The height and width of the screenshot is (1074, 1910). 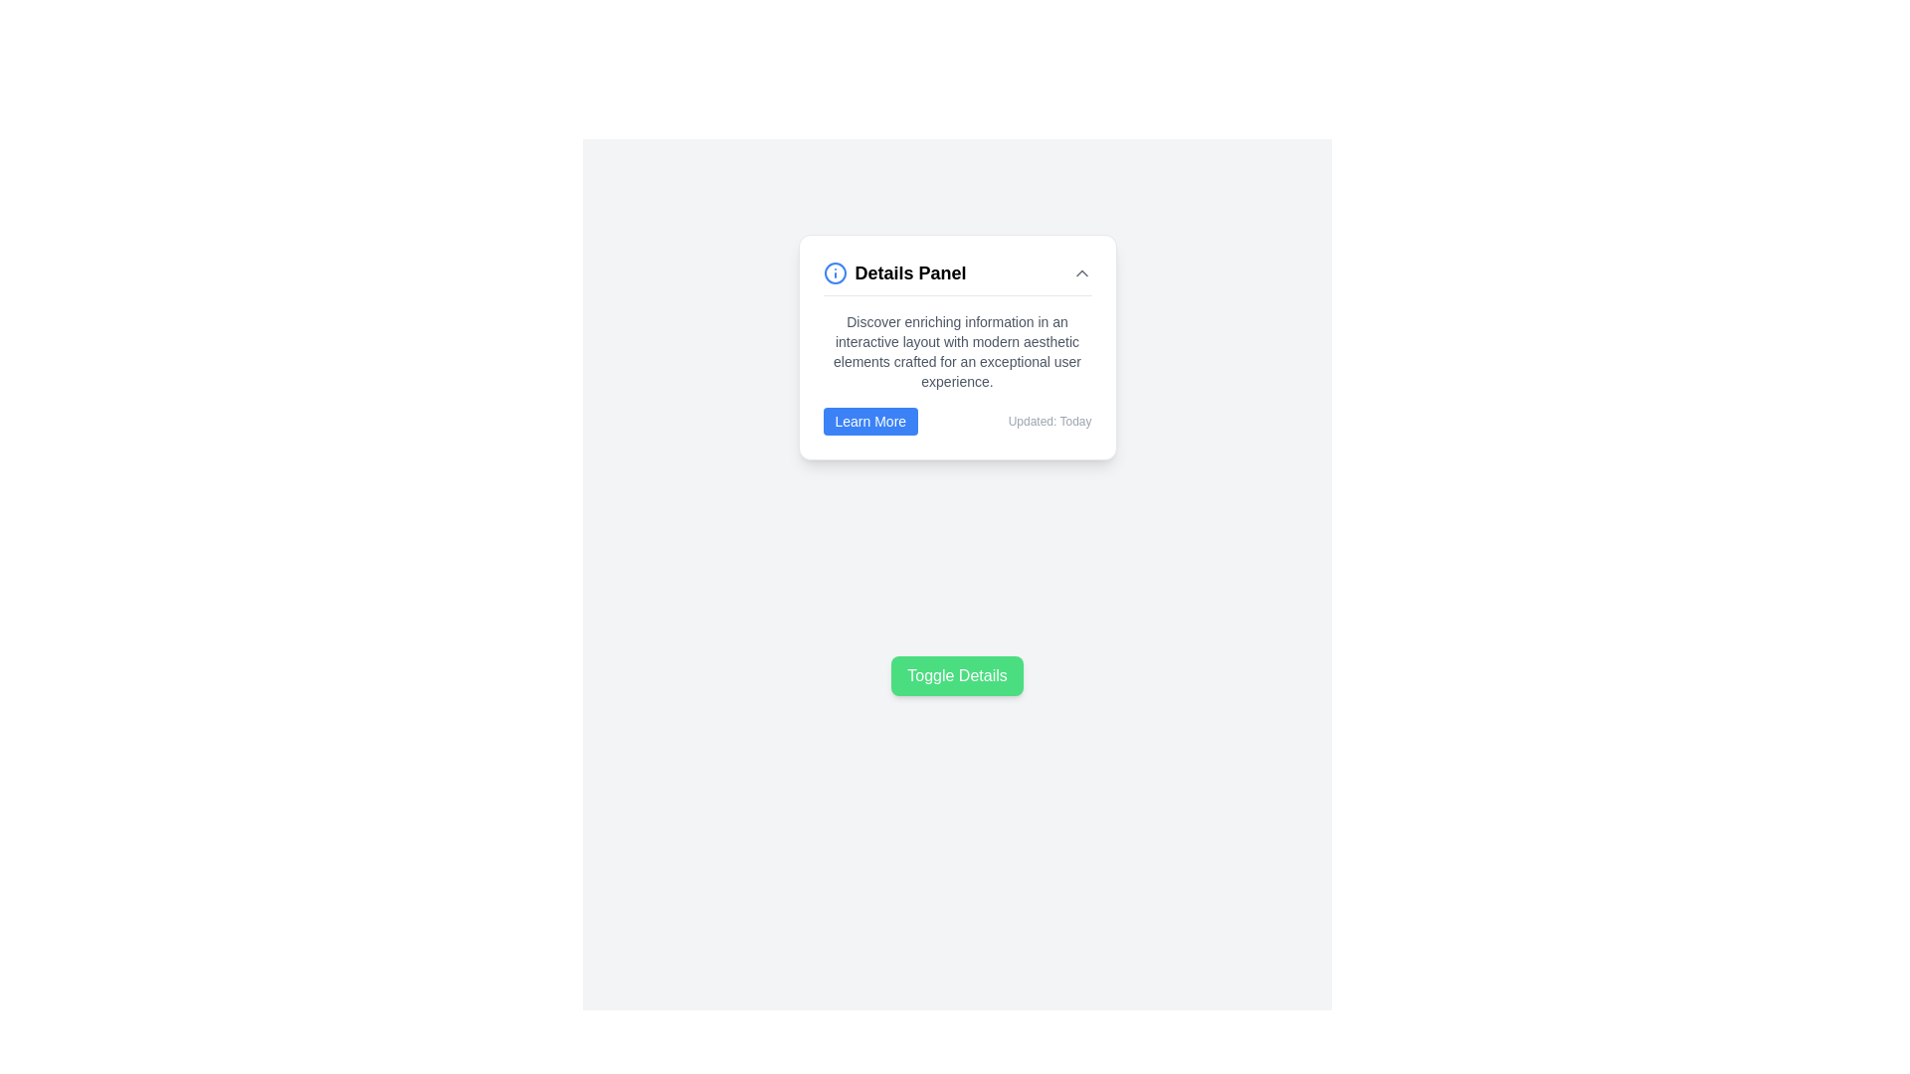 What do you see at coordinates (835, 272) in the screenshot?
I see `the icon that serves as a visual information indicator for the 'Details Panel', located at the start of the section's title` at bounding box center [835, 272].